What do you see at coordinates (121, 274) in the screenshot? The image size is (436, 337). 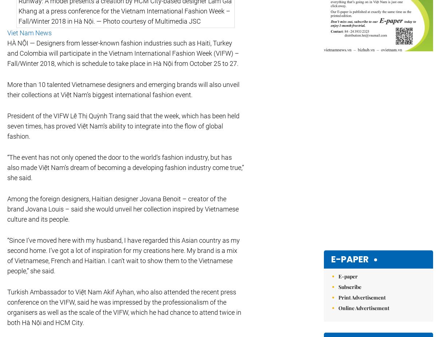 I see `'Op-Ed'` at bounding box center [121, 274].